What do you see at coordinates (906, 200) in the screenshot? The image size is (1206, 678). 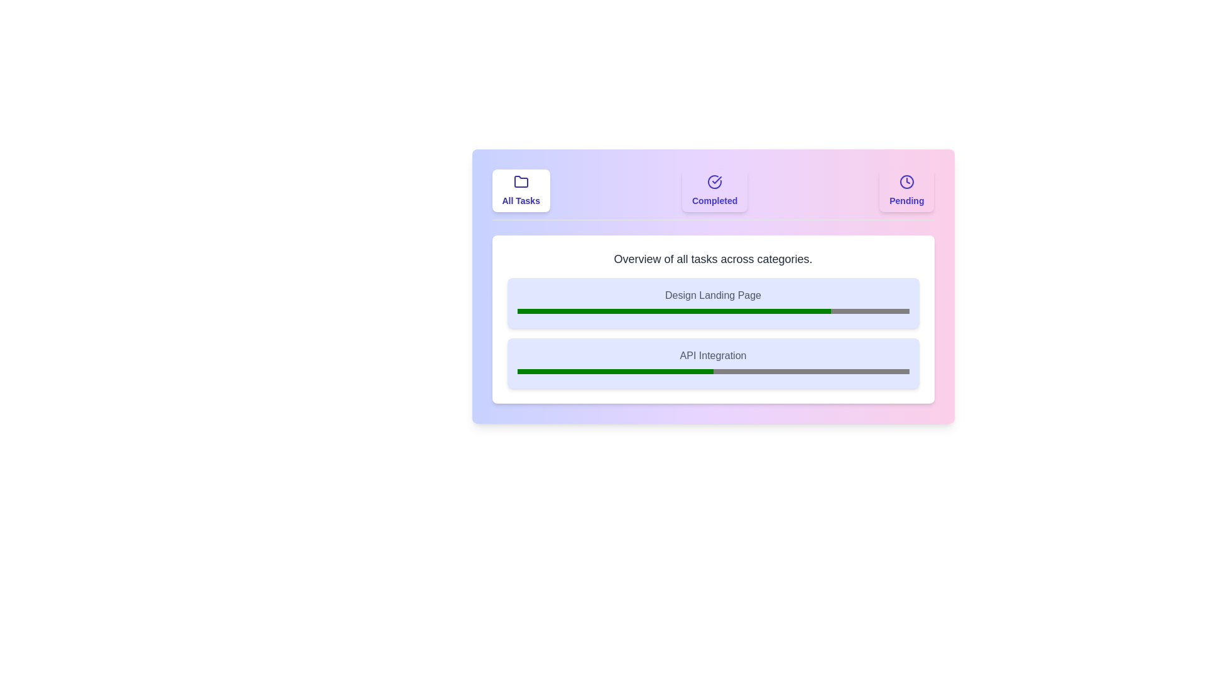 I see `the text label displaying 'Pending' in bold blue font, which is located below a clock icon and part of a button-like structure with rounded corners and a gradient background transitioning from purple to pink` at bounding box center [906, 200].